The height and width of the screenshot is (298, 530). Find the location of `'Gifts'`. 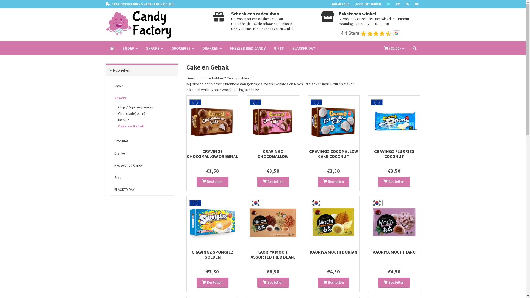

'Gifts' is located at coordinates (110, 177).